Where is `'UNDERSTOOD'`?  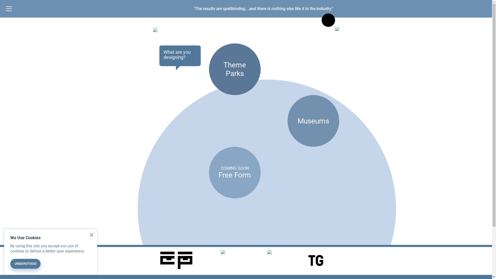
'UNDERSTOOD' is located at coordinates (25, 264).